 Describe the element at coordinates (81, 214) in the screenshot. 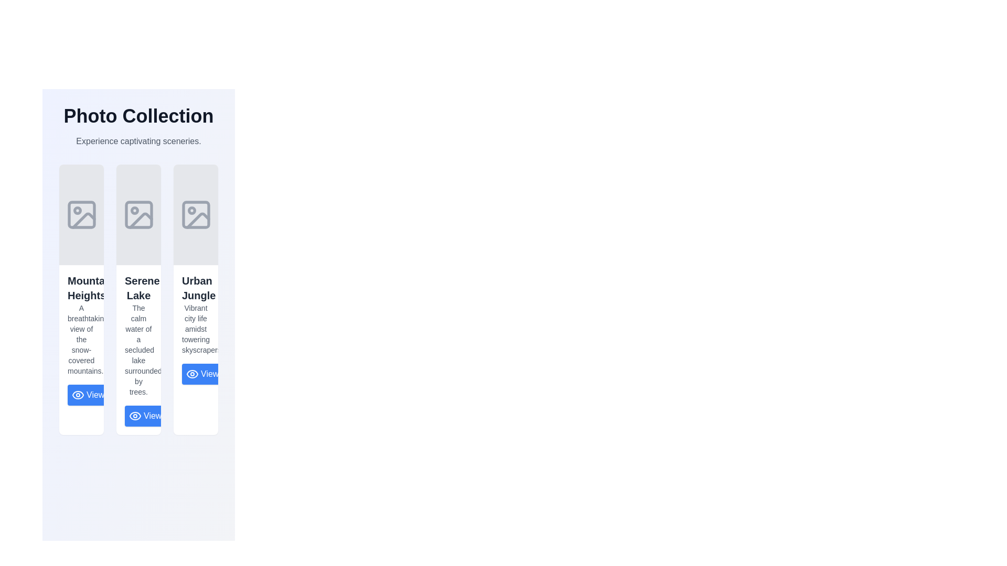

I see `the first icon in the three-column layout of image placeholders for the 'Mountain Heights' card, which serves as a non-interactive image placeholder` at that location.